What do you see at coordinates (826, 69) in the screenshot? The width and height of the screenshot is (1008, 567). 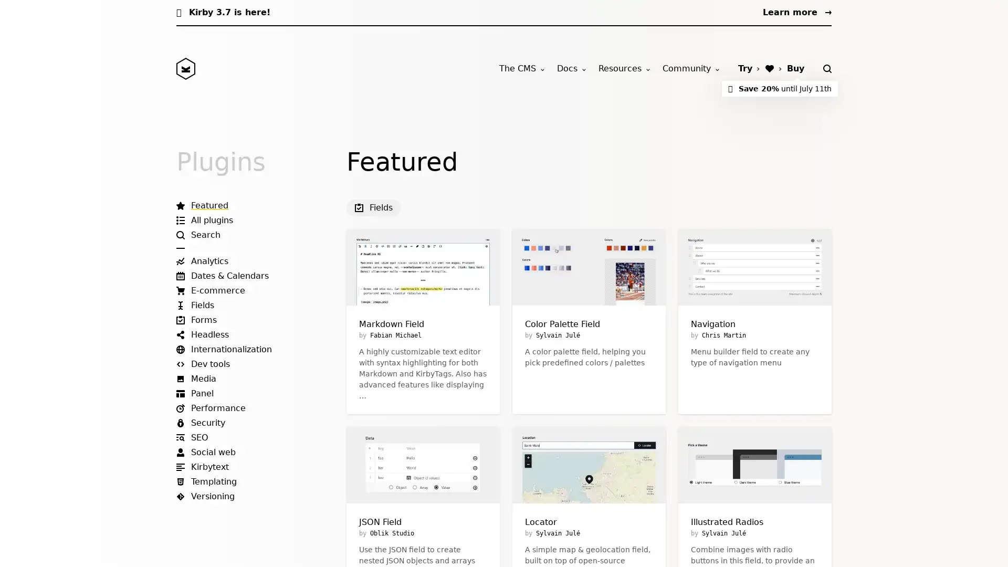 I see `Search` at bounding box center [826, 69].